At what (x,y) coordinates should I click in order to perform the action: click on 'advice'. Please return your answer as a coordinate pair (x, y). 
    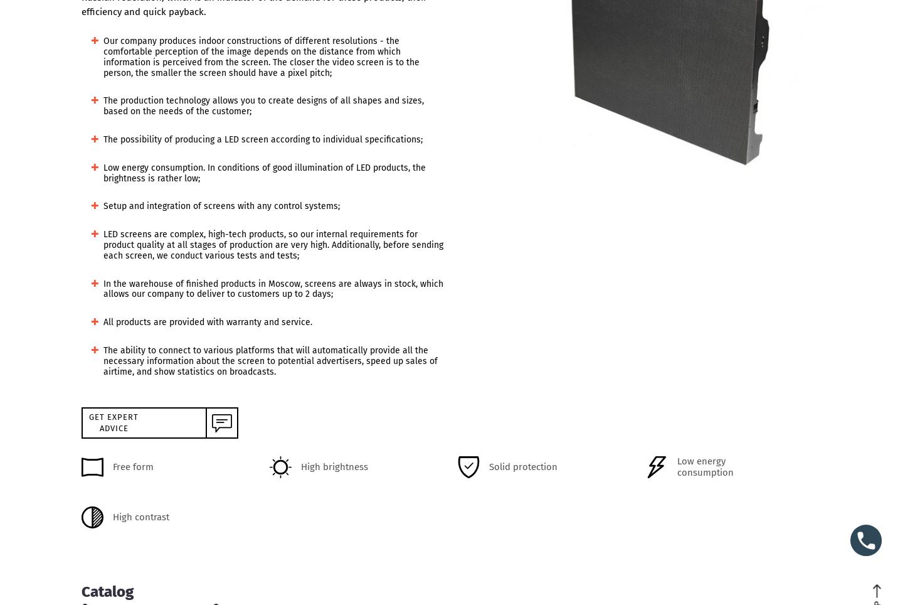
    Looking at the image, I should click on (114, 427).